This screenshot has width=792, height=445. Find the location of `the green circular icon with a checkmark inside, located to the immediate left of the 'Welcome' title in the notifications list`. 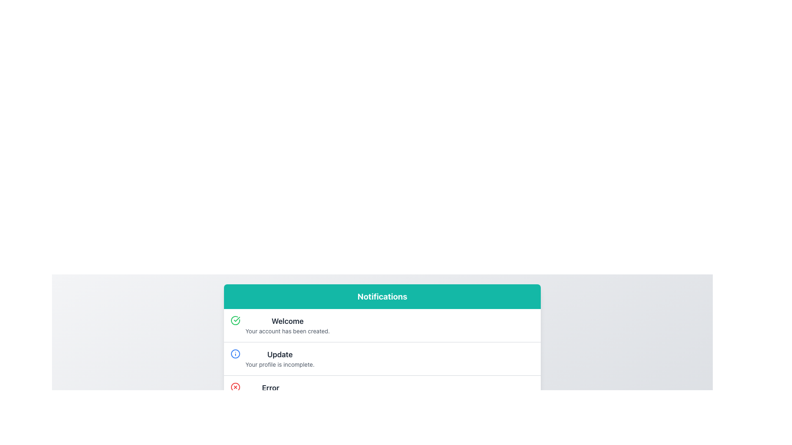

the green circular icon with a checkmark inside, located to the immediate left of the 'Welcome' title in the notifications list is located at coordinates (235, 320).